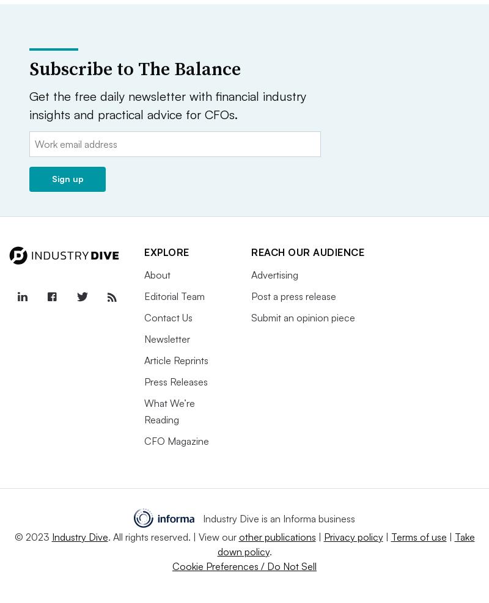  Describe the element at coordinates (307, 252) in the screenshot. I see `'Reach our audience'` at that location.